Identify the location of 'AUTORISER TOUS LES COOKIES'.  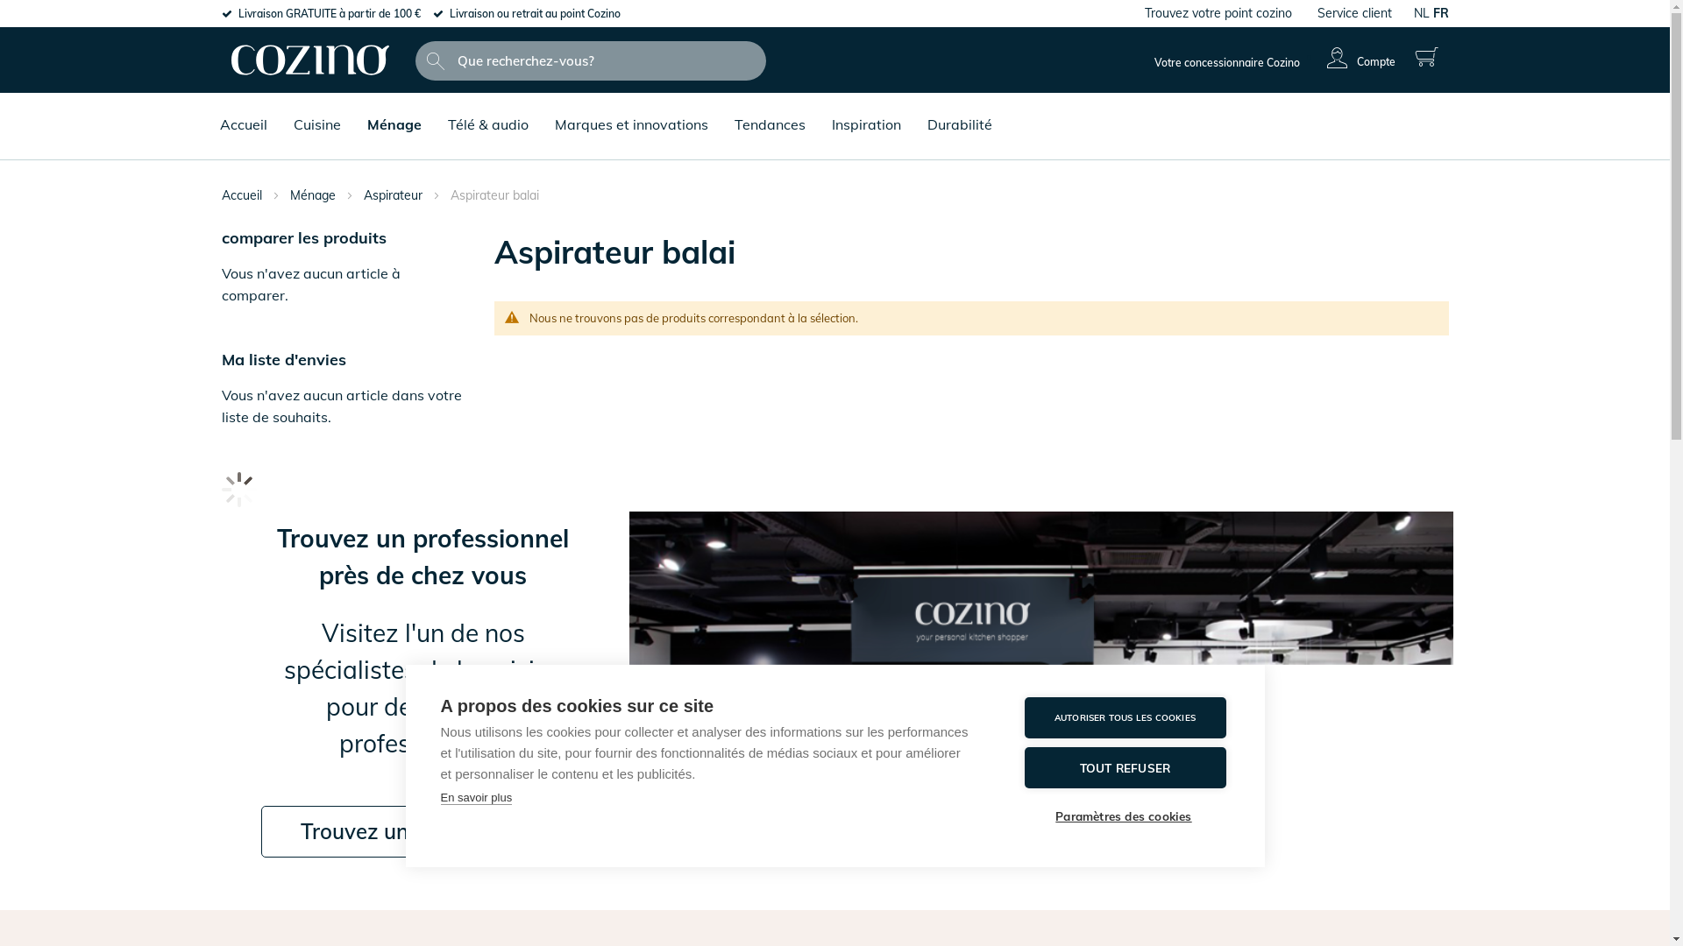
(1124, 717).